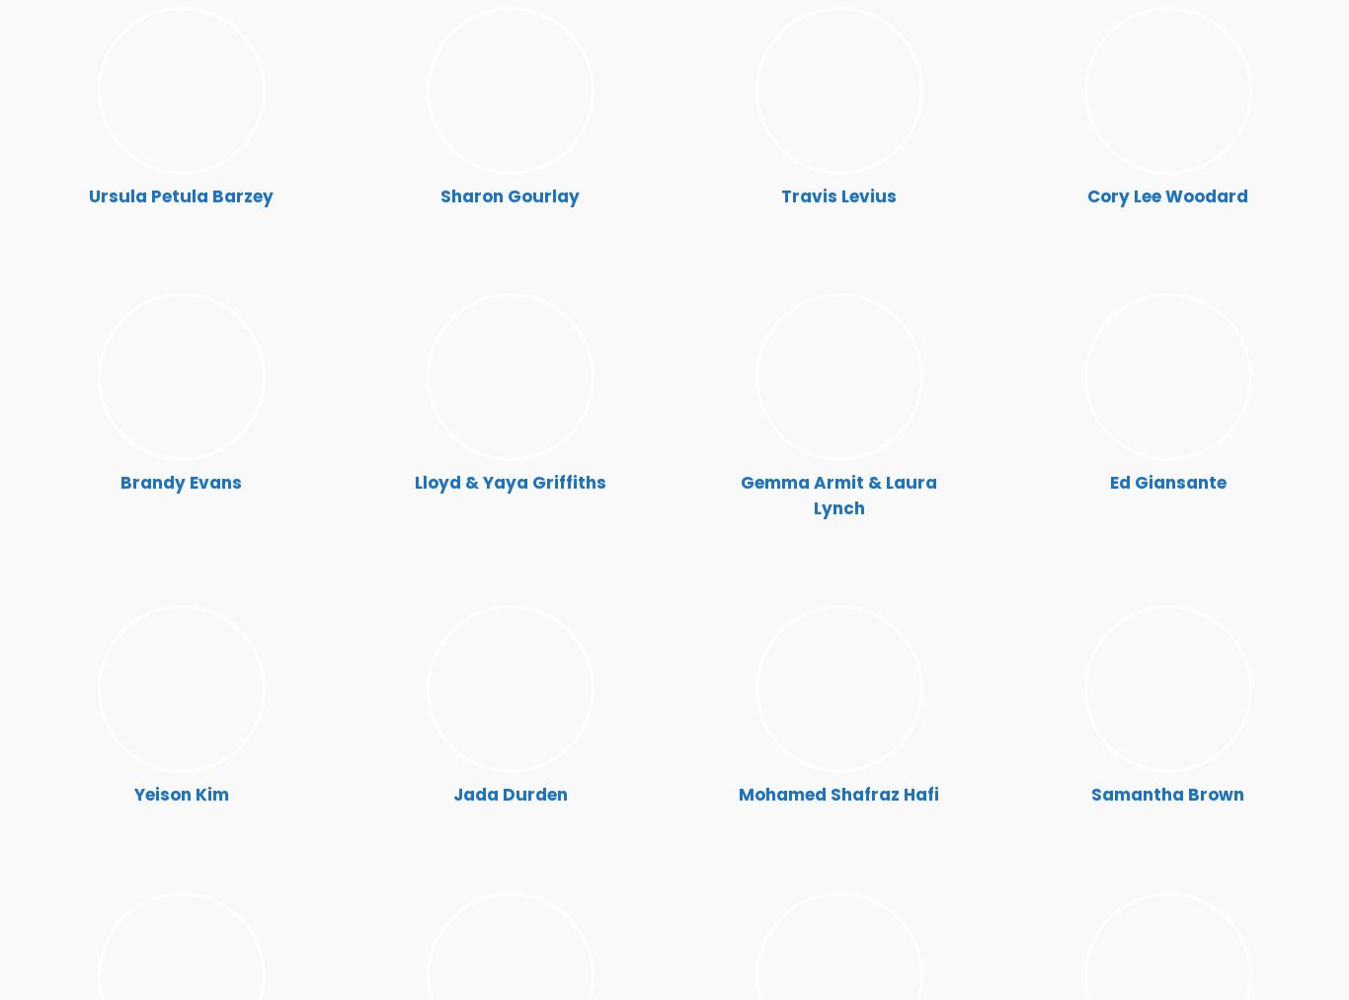  Describe the element at coordinates (1167, 195) in the screenshot. I see `'Cory Lee Woodard'` at that location.